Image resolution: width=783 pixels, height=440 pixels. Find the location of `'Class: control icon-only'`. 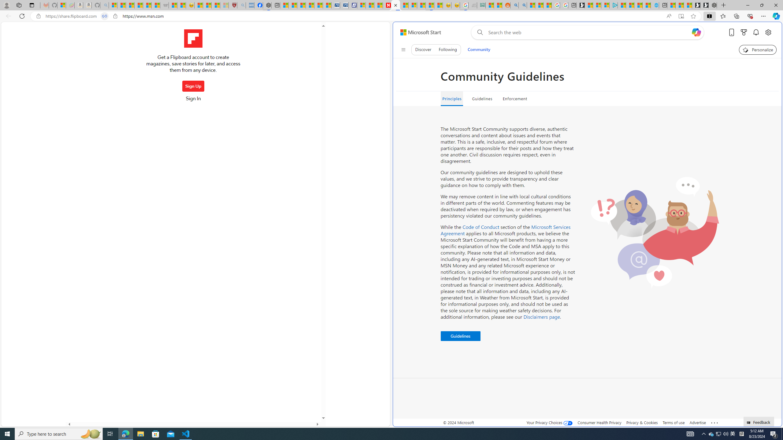

'Class: control icon-only' is located at coordinates (403, 49).